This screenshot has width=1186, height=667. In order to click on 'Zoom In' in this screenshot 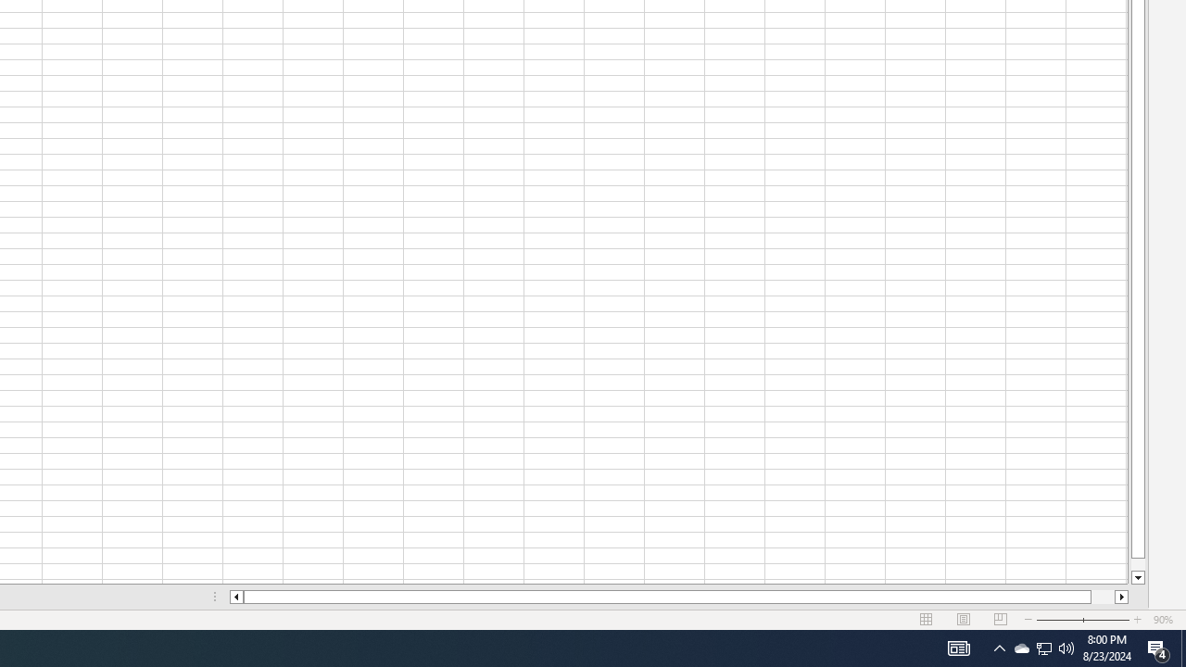, I will do `click(1136, 620)`.